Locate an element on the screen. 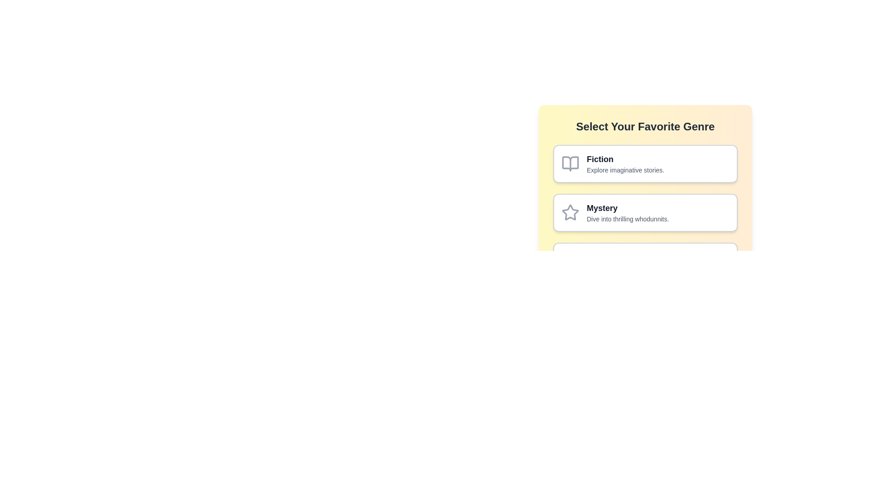 Image resolution: width=870 pixels, height=489 pixels. the text label providing a brief description of the 'Mystery' genre, positioned directly below the 'Mystery' title is located at coordinates (627, 219).